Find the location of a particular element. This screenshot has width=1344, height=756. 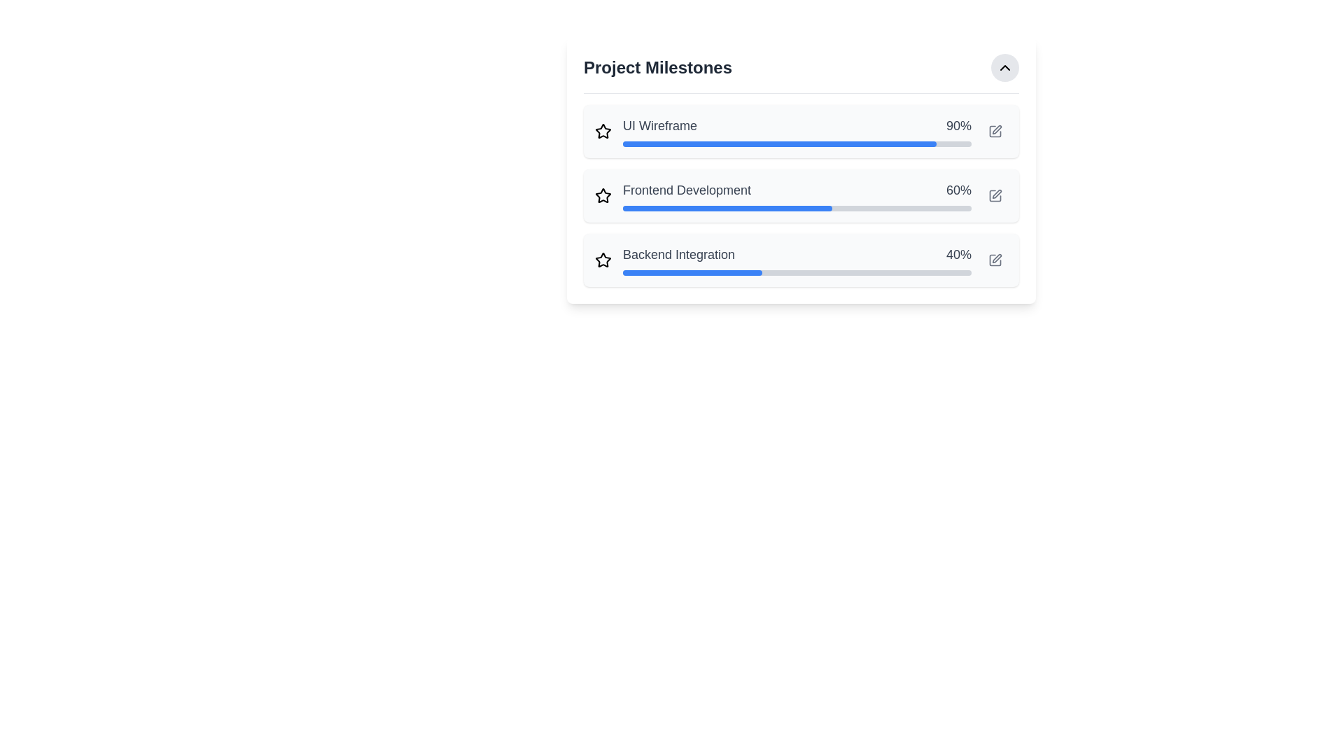

the star-shaped icon outlined in black and styled in gray, located to the left of the text 'Frontend Development' in the 'Project Milestones' list is located at coordinates (603, 196).